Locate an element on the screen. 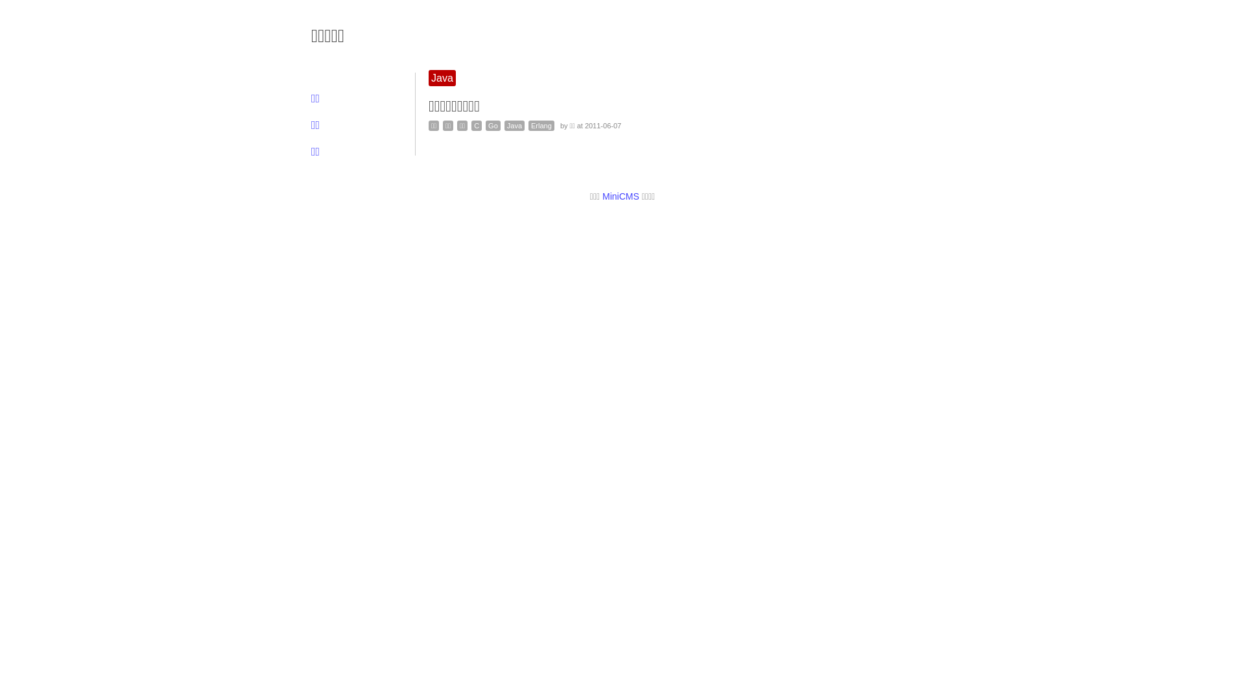 Image resolution: width=1245 pixels, height=700 pixels. 'MiniCMS' is located at coordinates (602, 196).